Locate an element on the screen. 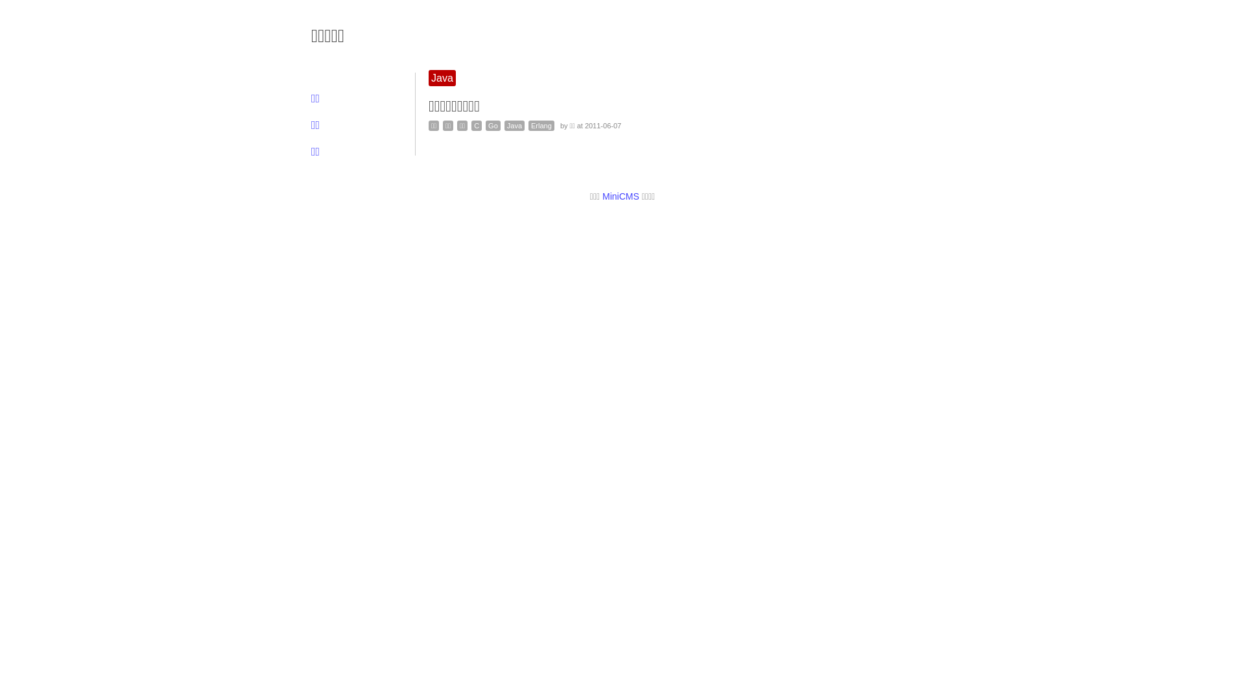 Image resolution: width=1245 pixels, height=700 pixels. 'MiniCMS' is located at coordinates (602, 196).